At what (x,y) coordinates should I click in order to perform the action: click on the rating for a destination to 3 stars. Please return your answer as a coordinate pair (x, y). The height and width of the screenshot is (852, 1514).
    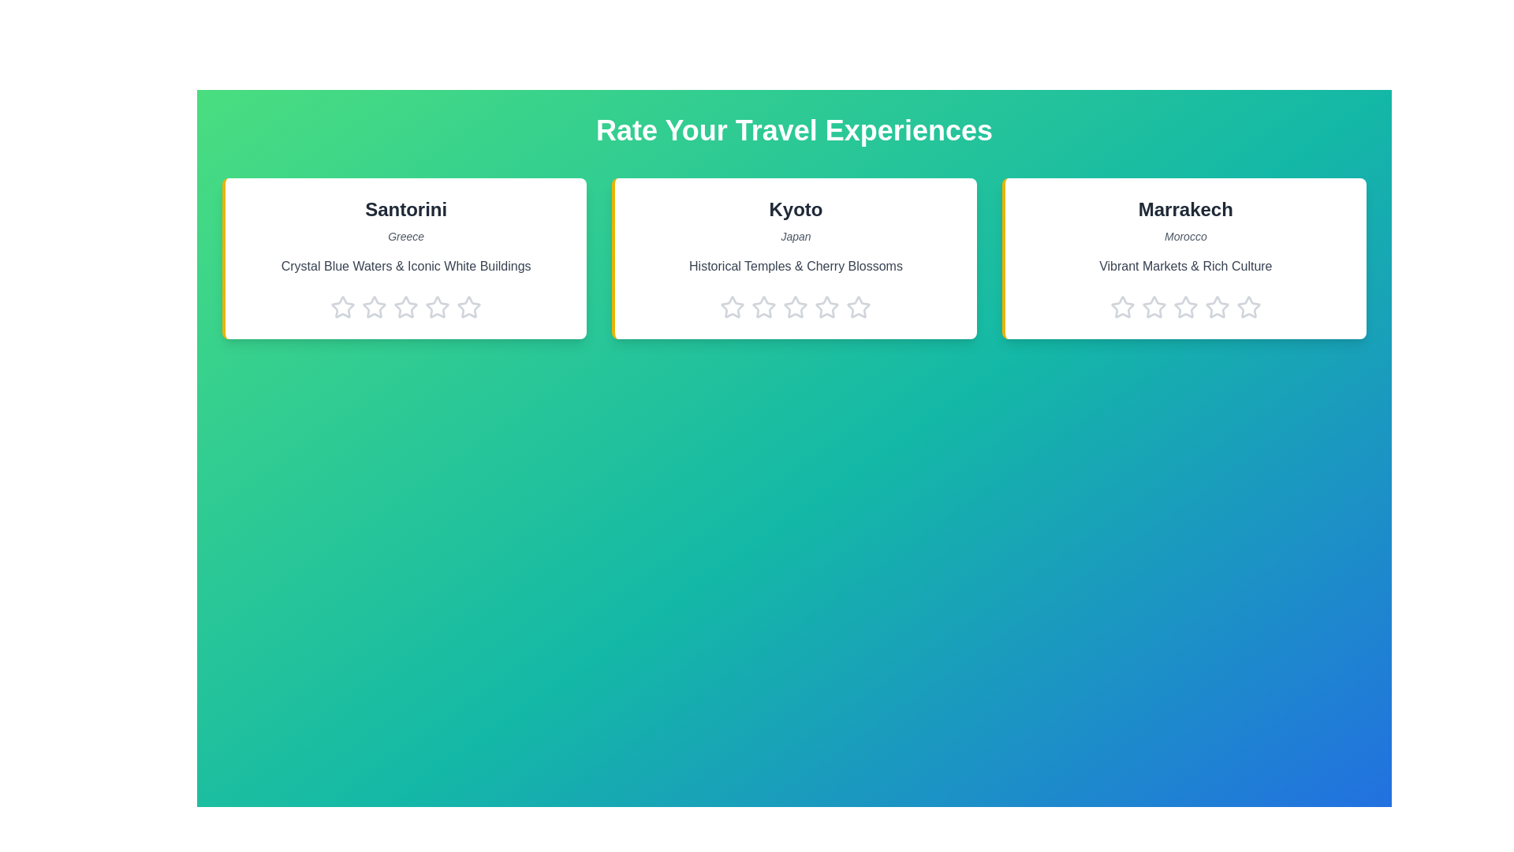
    Looking at the image, I should click on (406, 307).